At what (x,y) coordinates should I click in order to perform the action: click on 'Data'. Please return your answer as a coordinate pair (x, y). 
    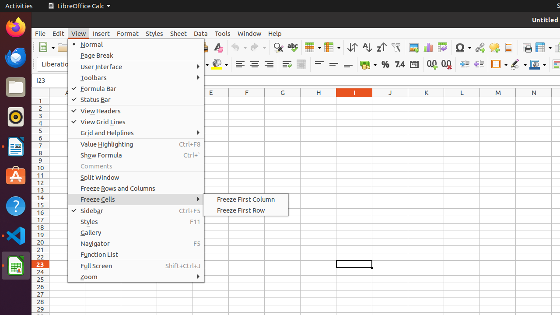
    Looking at the image, I should click on (200, 33).